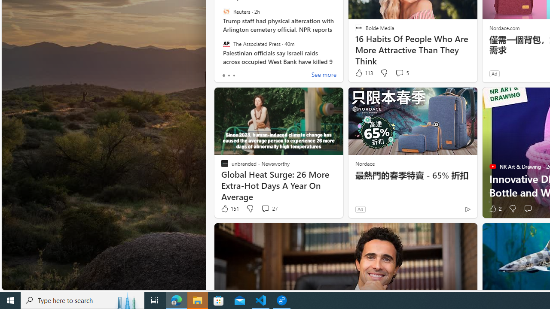 This screenshot has width=550, height=309. What do you see at coordinates (226, 43) in the screenshot?
I see `'The Associated Press'` at bounding box center [226, 43].